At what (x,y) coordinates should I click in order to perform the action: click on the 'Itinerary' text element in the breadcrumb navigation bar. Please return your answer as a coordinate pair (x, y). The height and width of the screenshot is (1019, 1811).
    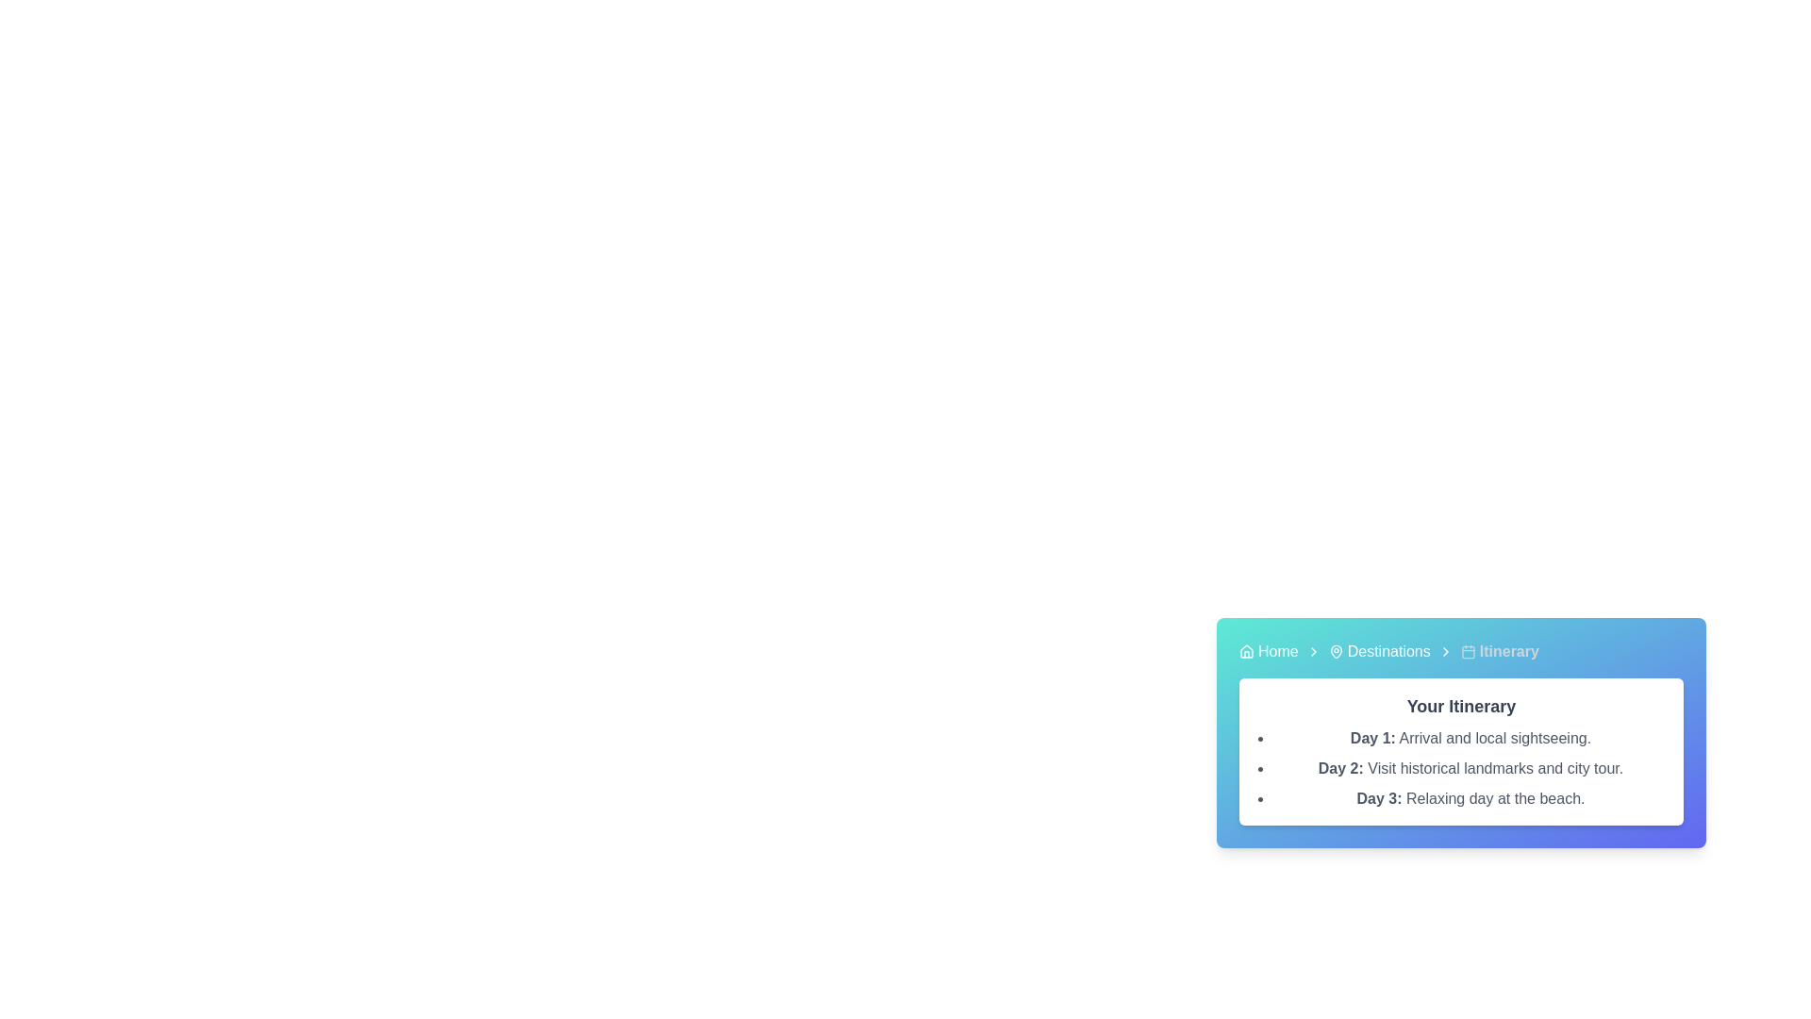
    Looking at the image, I should click on (1499, 650).